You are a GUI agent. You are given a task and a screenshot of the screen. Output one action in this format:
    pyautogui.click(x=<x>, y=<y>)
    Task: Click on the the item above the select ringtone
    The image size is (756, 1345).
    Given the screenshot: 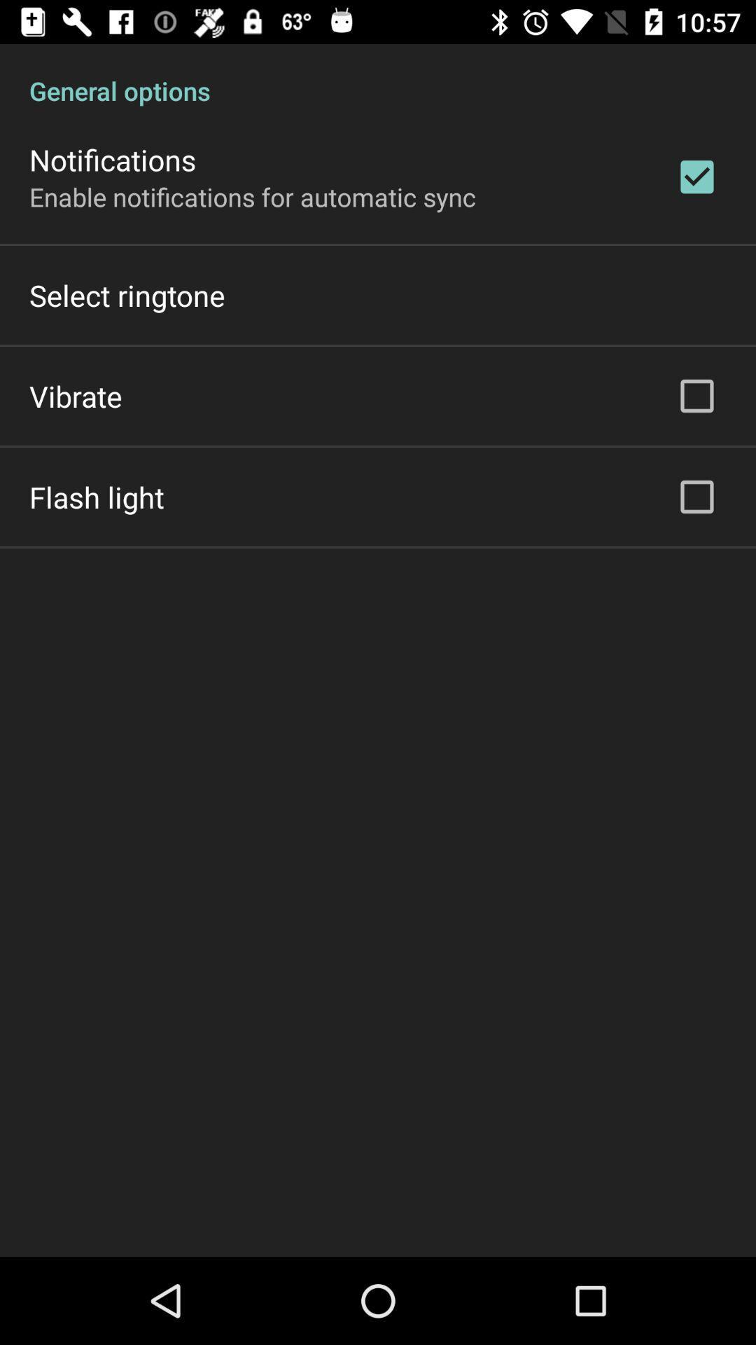 What is the action you would take?
    pyautogui.click(x=253, y=196)
    